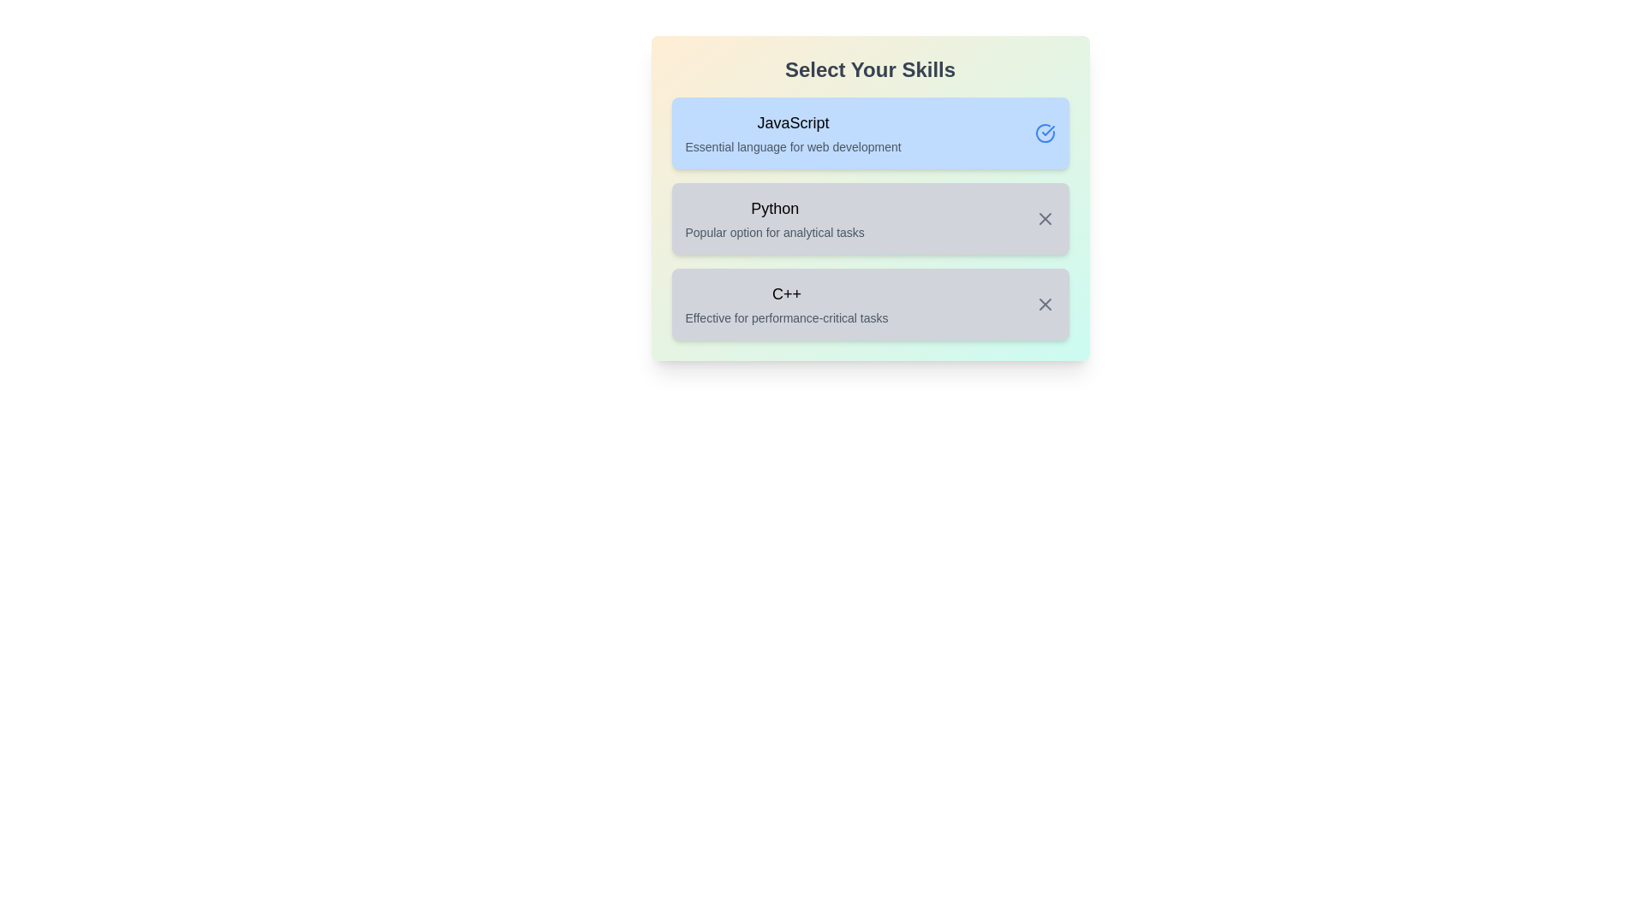  What do you see at coordinates (870, 132) in the screenshot?
I see `the skill JavaScript by clicking on its container` at bounding box center [870, 132].